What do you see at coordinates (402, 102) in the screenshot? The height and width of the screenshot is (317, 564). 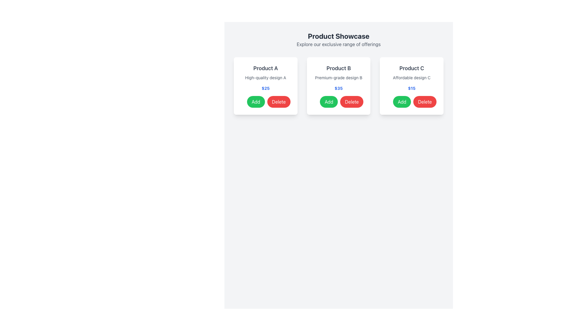 I see `the 'Add' button for Product C located in the bottom-right corner of its product card` at bounding box center [402, 102].